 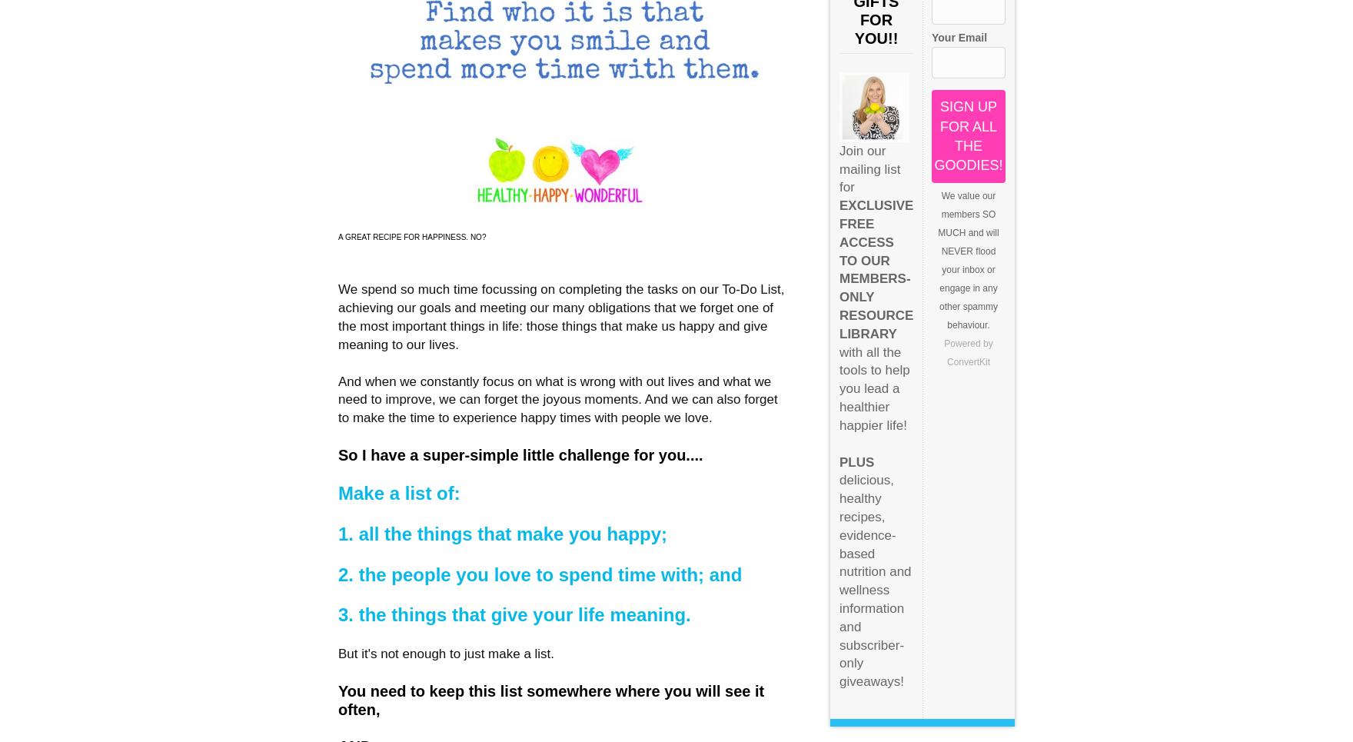 I want to click on 'But it's not enough to just make a list.', so click(x=446, y=653).